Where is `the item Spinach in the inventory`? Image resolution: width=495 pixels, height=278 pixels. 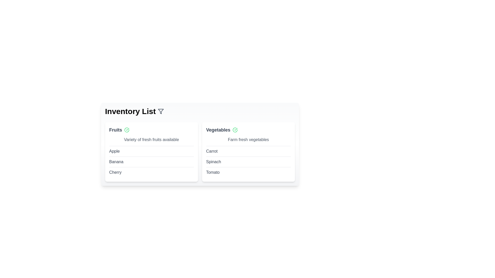 the item Spinach in the inventory is located at coordinates (213, 161).